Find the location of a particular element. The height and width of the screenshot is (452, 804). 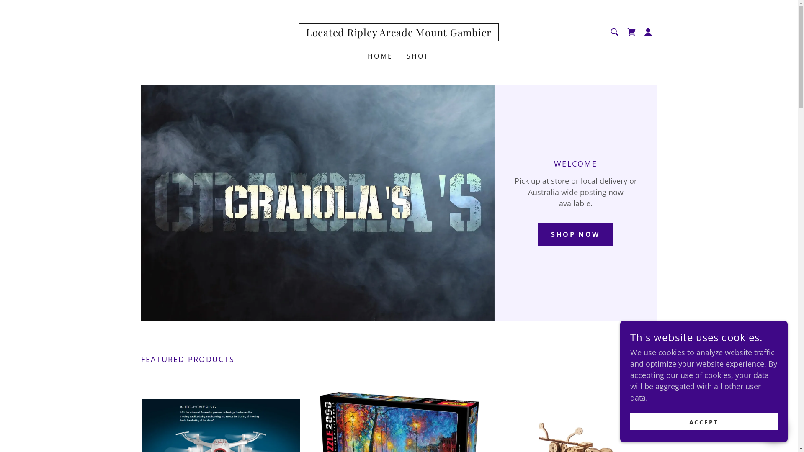

'SHOP NOW' is located at coordinates (575, 234).